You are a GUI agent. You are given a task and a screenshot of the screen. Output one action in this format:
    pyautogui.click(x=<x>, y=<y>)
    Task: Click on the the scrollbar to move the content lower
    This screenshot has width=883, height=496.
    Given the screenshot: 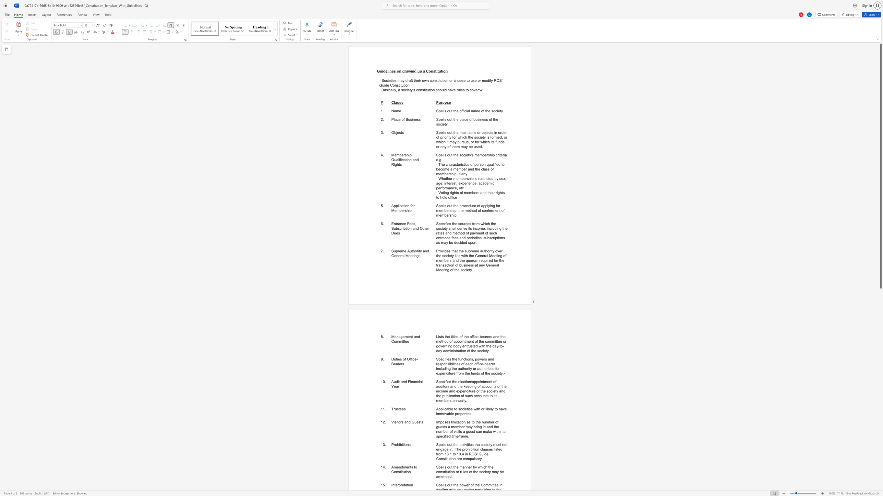 What is the action you would take?
    pyautogui.click(x=880, y=383)
    